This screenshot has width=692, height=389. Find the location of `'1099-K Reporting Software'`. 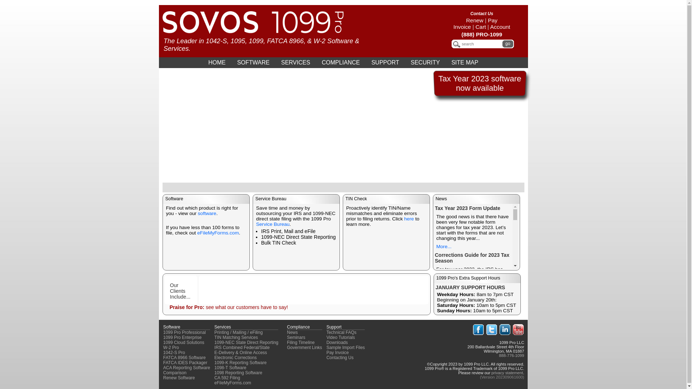

'1099-K Reporting Software' is located at coordinates (214, 362).